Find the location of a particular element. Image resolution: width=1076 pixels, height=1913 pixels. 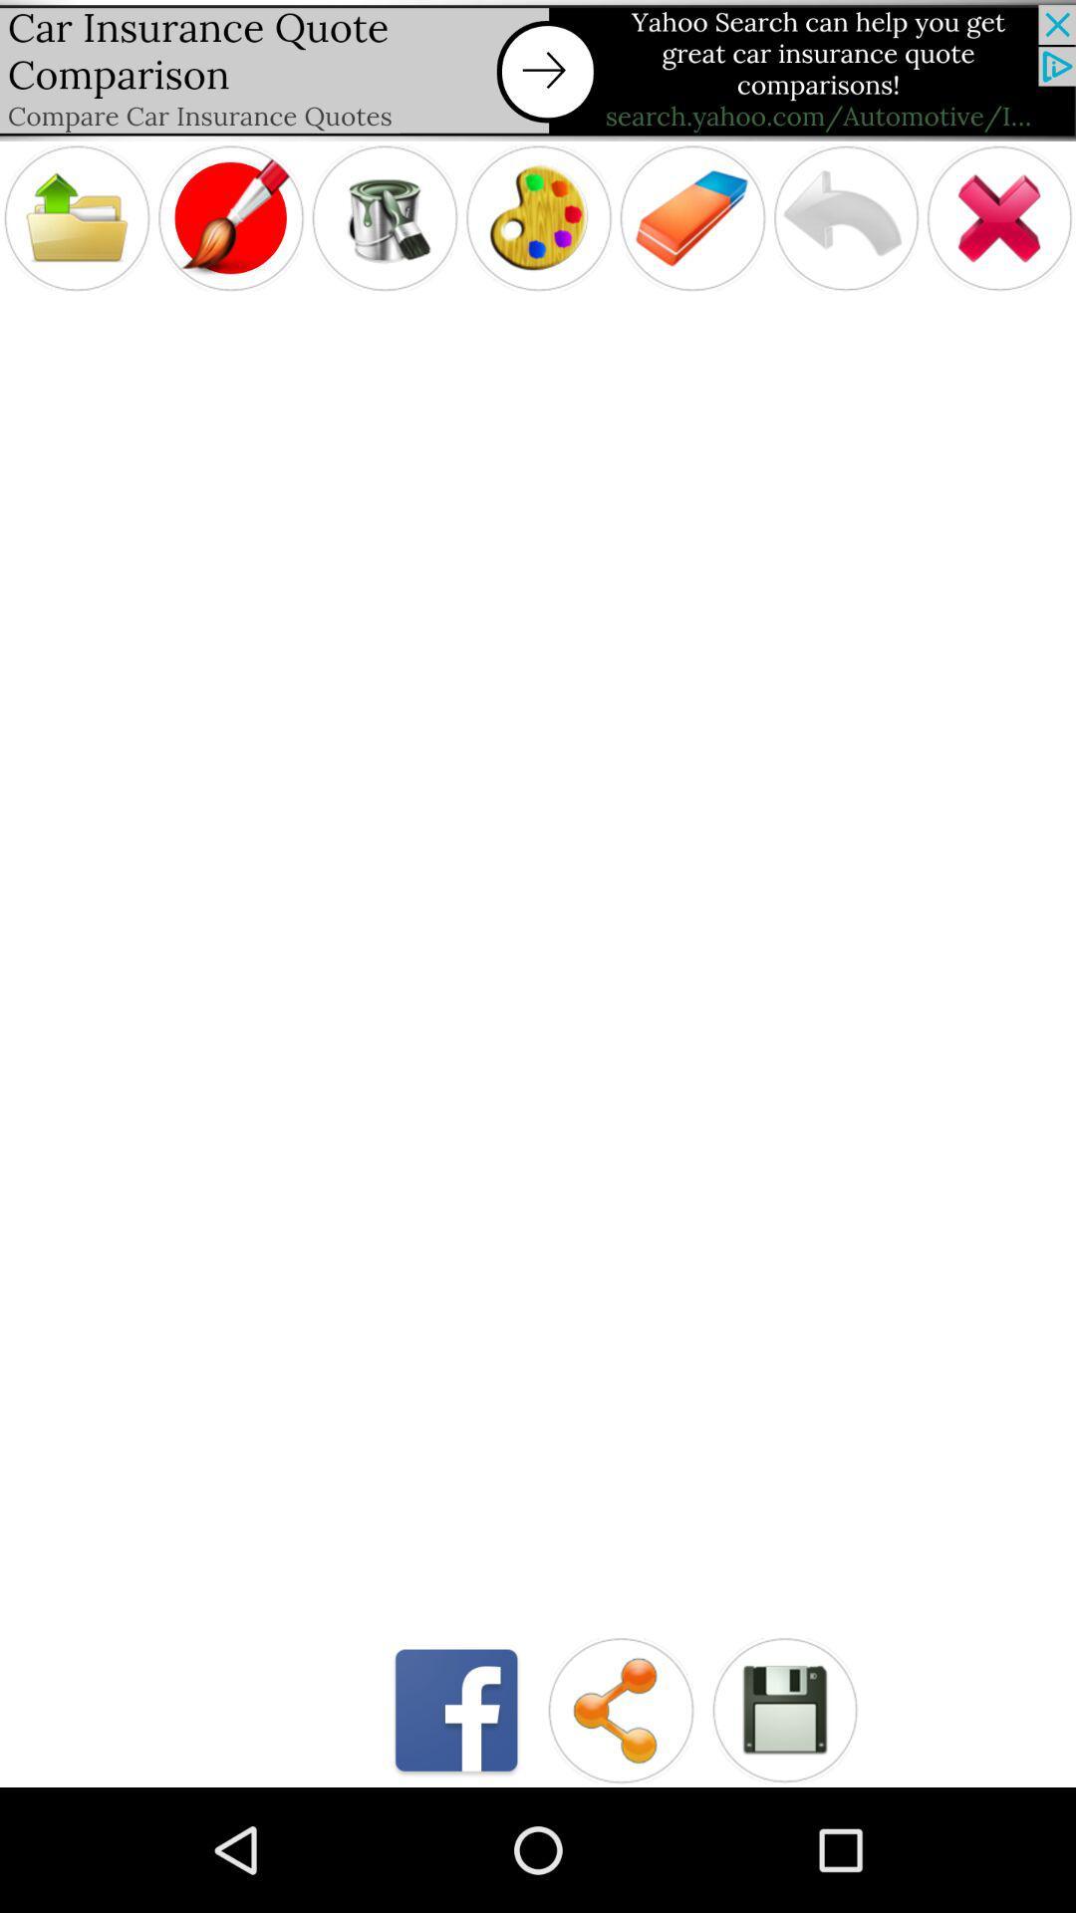

facebook icon is located at coordinates (456, 1709).